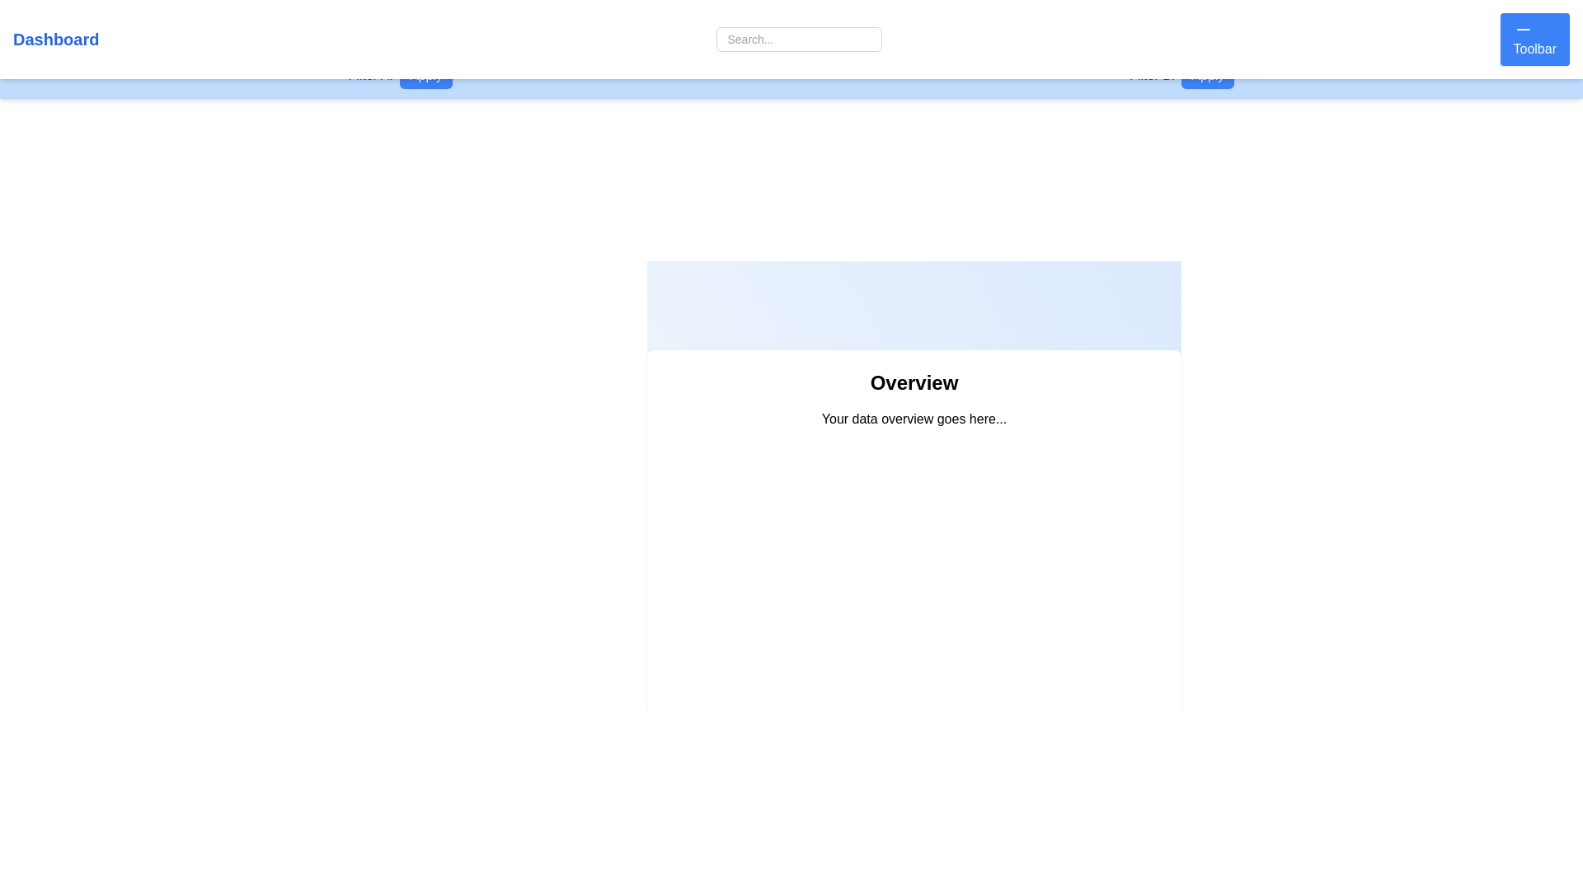 The width and height of the screenshot is (1583, 890). Describe the element at coordinates (56, 38) in the screenshot. I see `the 'Dashboard' text label located on the far-left side of the top fixed toolbar, which is prominently displayed in large, bold, blue-colored typography` at that location.